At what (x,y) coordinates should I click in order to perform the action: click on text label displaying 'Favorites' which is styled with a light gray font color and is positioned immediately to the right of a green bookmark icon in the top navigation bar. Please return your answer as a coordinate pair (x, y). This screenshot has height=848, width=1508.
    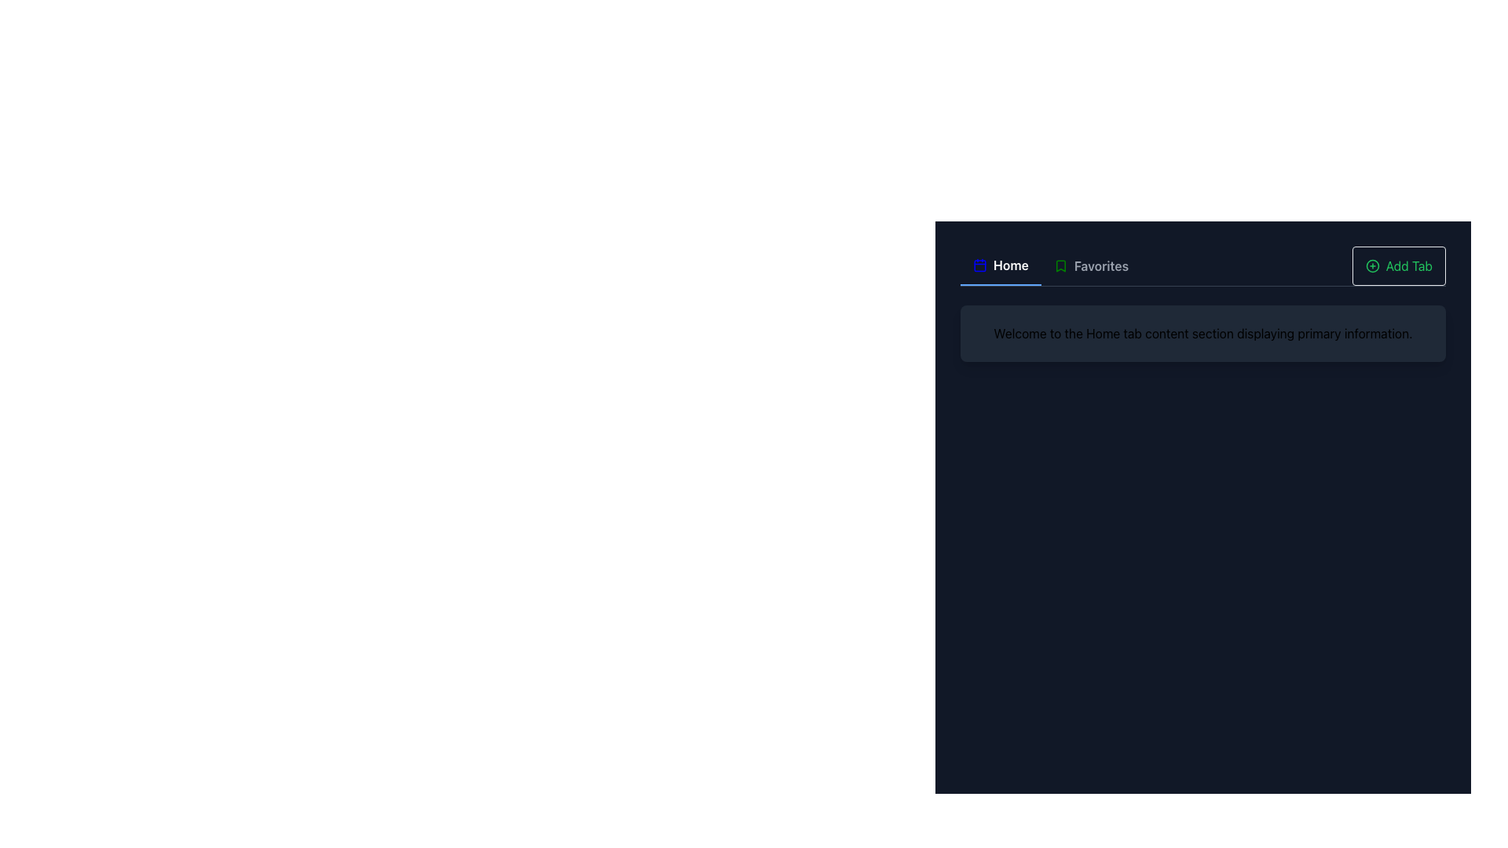
    Looking at the image, I should click on (1100, 265).